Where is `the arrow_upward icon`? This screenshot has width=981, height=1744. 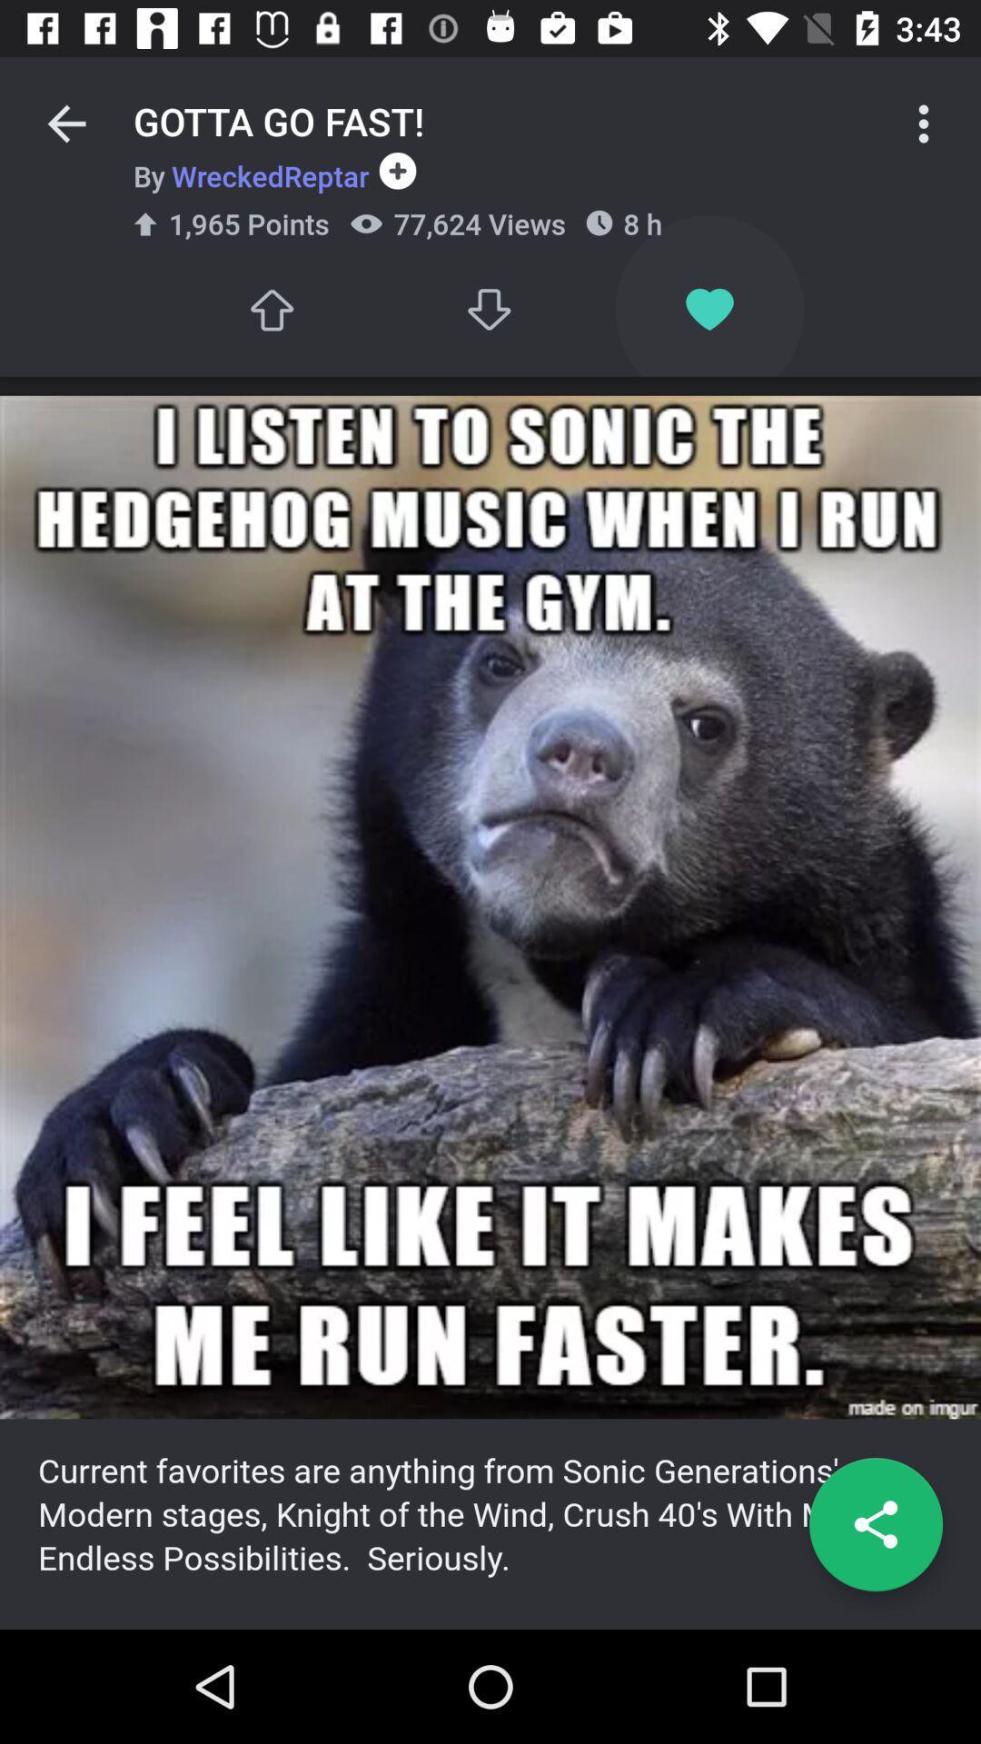
the arrow_upward icon is located at coordinates (271, 310).